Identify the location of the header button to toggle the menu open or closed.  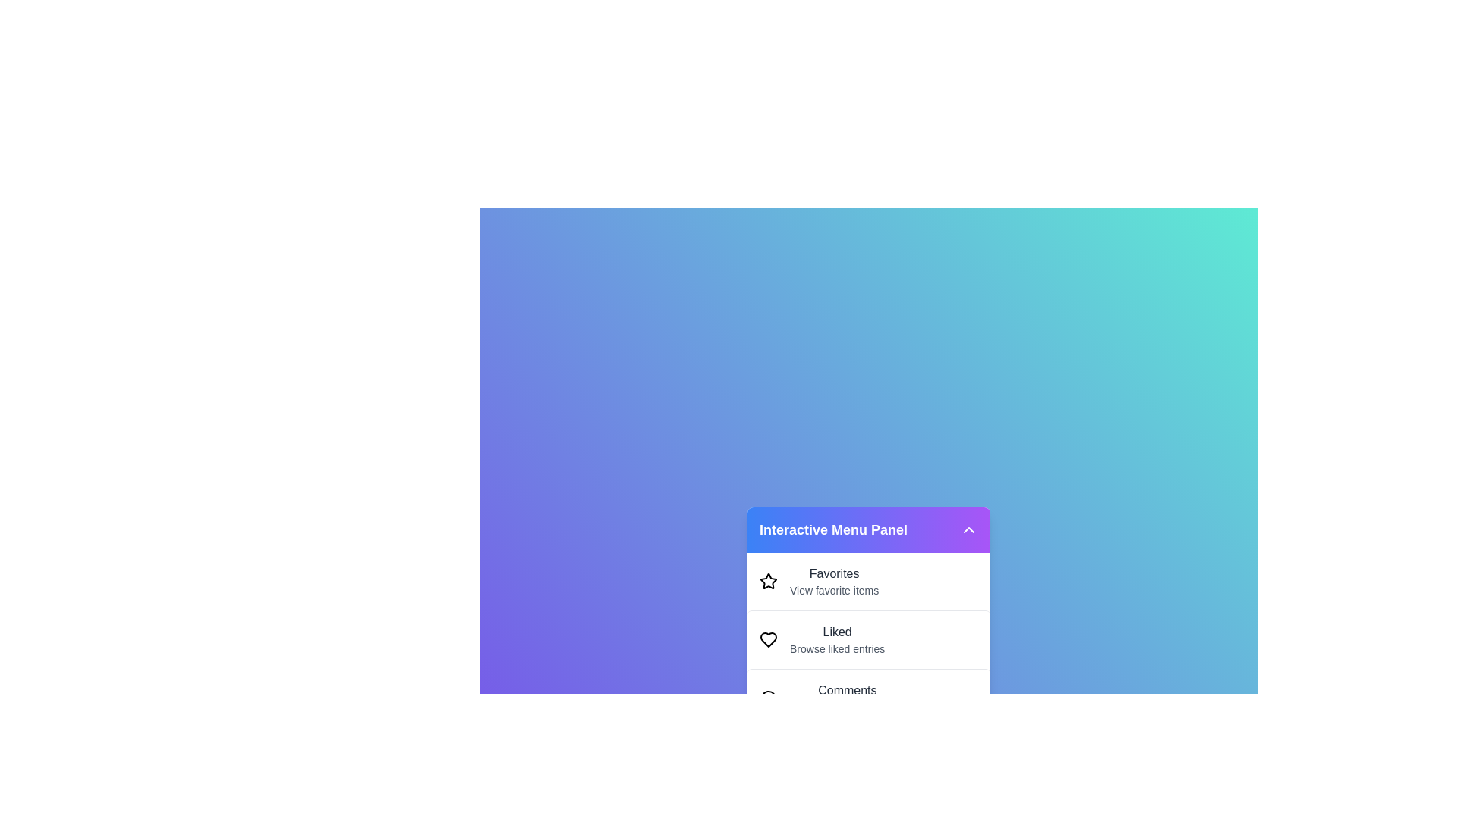
(968, 529).